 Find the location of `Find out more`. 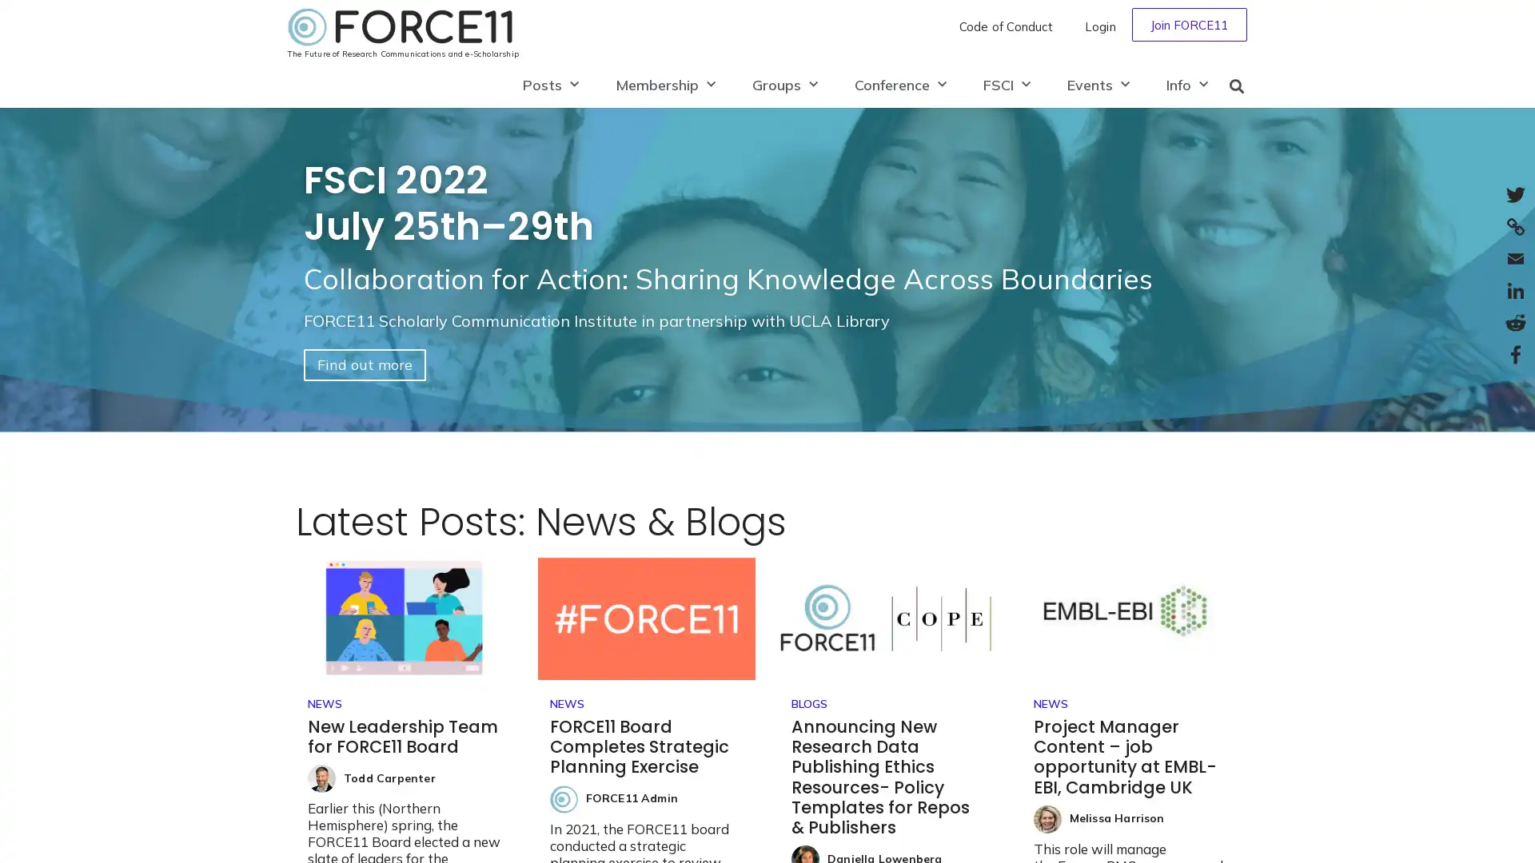

Find out more is located at coordinates (364, 364).